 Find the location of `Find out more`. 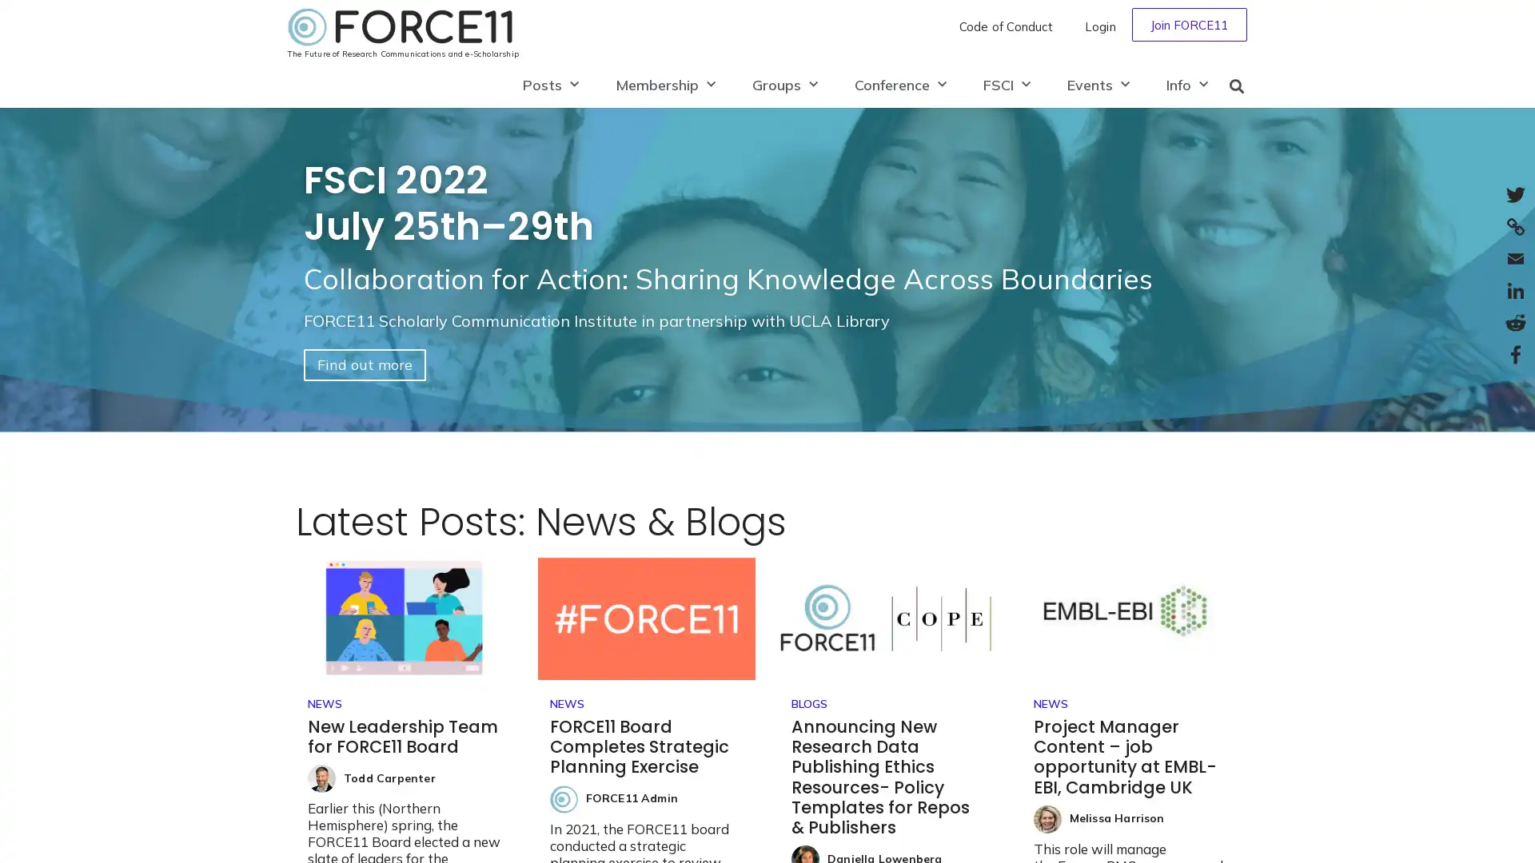

Find out more is located at coordinates (364, 364).